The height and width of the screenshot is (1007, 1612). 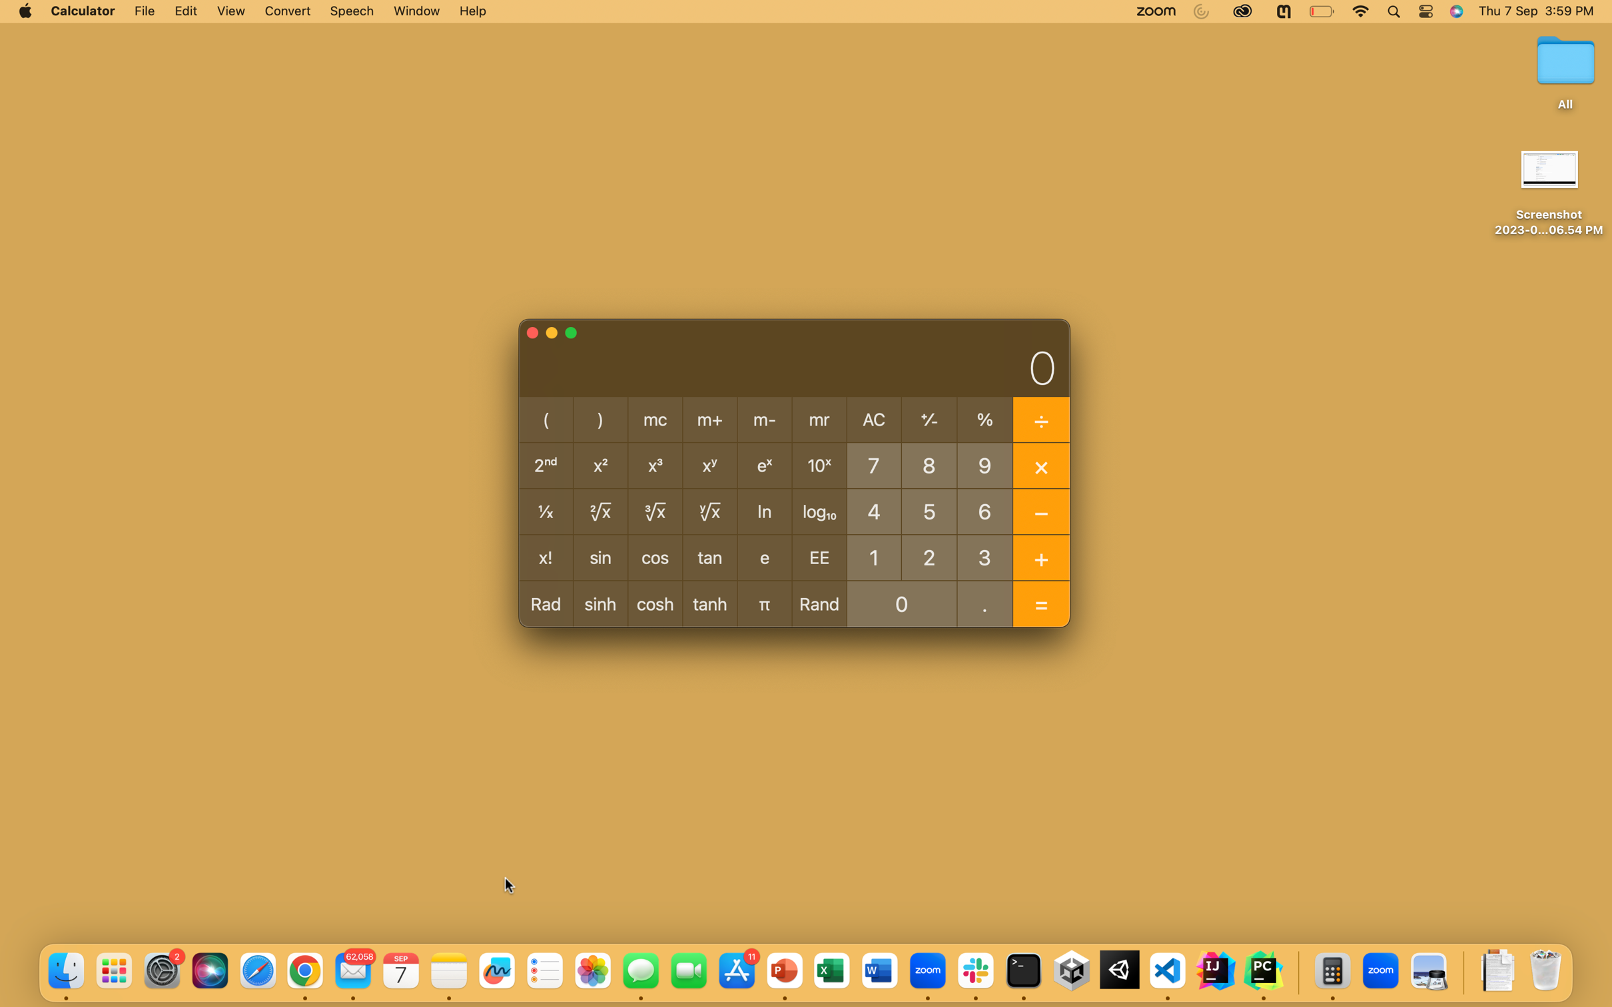 I want to click on on "AC", so click(x=874, y=420).